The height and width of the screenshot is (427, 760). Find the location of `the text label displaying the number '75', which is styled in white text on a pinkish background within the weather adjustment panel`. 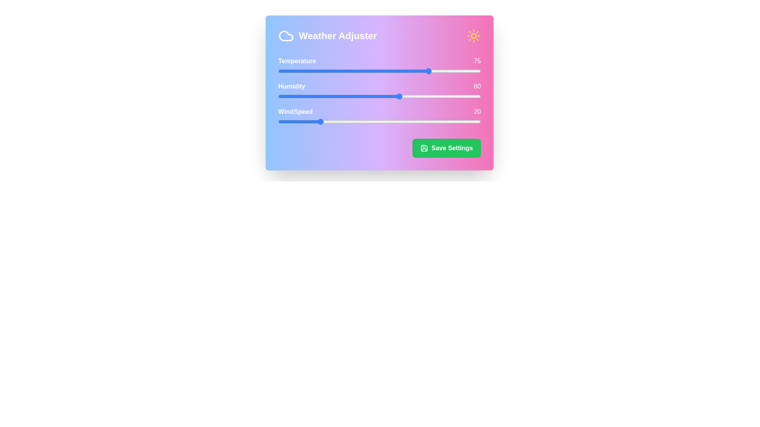

the text label displaying the number '75', which is styled in white text on a pinkish background within the weather adjustment panel is located at coordinates (477, 60).